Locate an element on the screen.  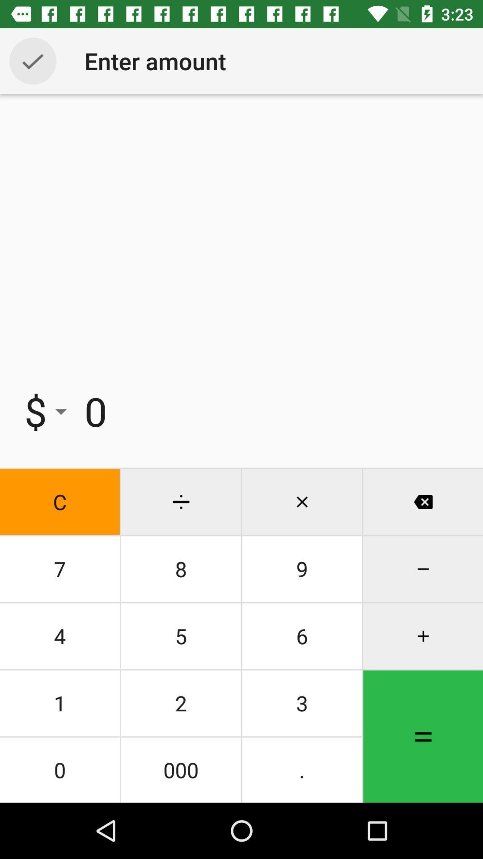
the icon below the c icon is located at coordinates (59, 569).